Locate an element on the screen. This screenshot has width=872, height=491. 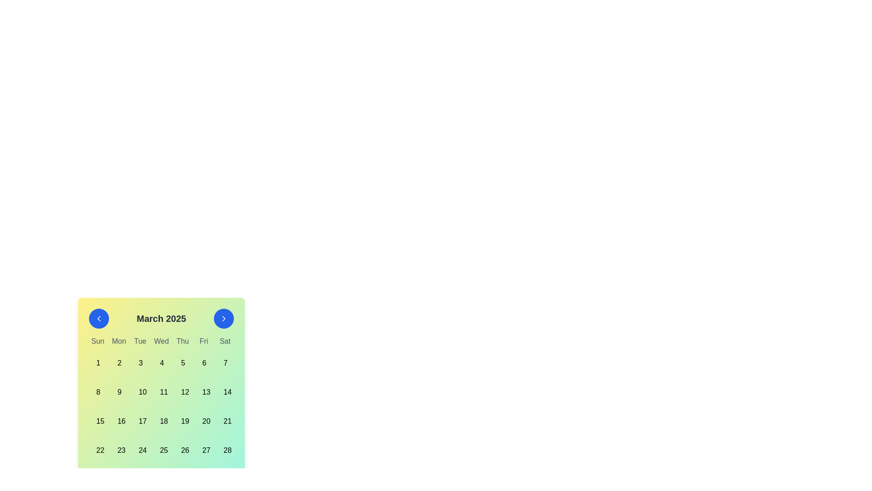
the Button-like calendar day cell displaying the number '5', located in the first row of the calendar grid under 'Thu' is located at coordinates (182, 362).